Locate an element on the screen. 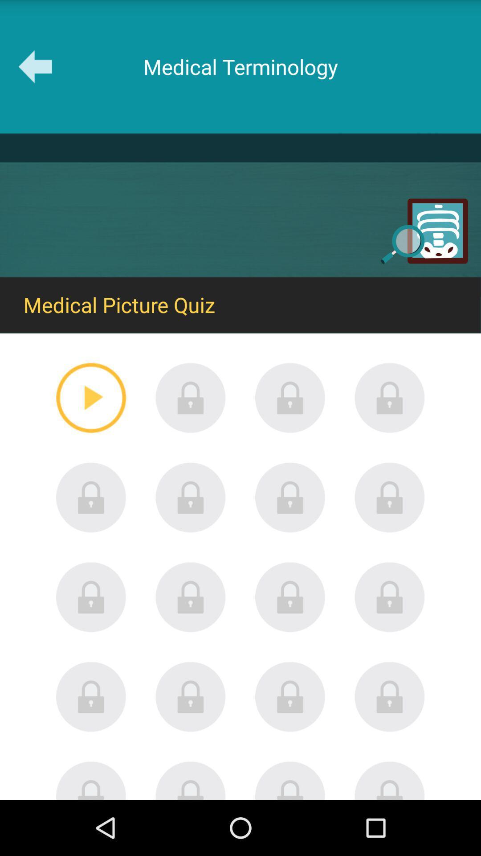 The width and height of the screenshot is (481, 856). open item is located at coordinates (290, 597).